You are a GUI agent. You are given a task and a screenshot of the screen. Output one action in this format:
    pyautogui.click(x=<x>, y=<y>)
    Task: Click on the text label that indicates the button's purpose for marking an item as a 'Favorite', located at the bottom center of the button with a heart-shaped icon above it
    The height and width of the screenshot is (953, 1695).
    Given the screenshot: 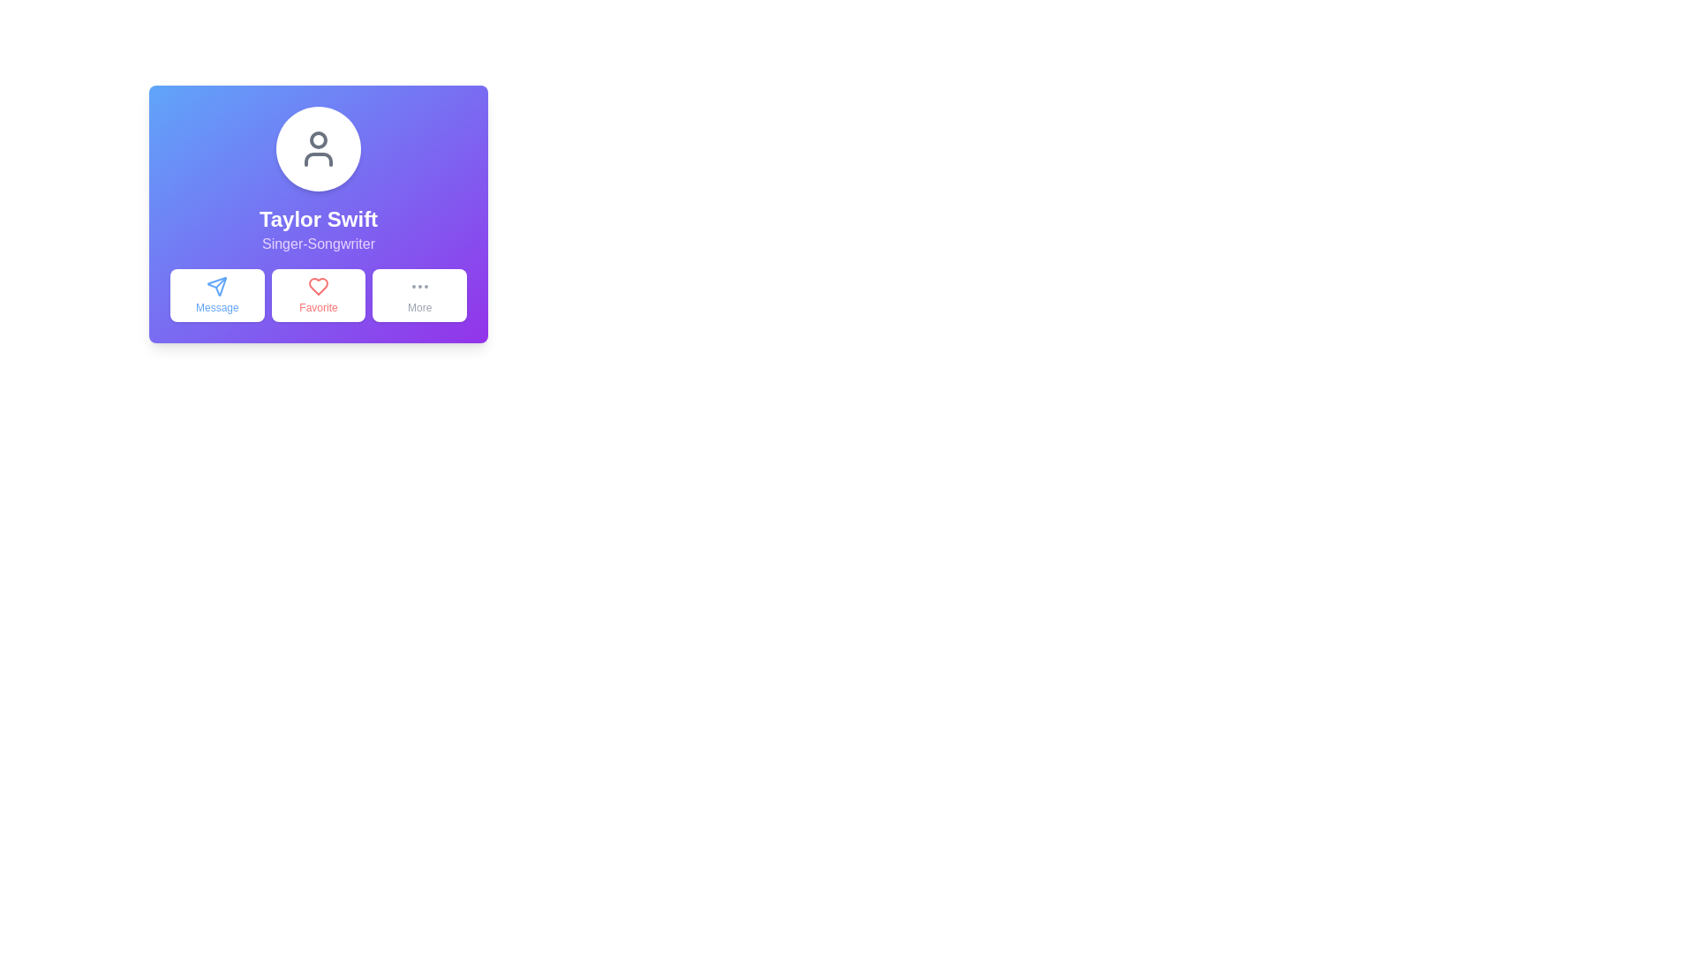 What is the action you would take?
    pyautogui.click(x=318, y=306)
    